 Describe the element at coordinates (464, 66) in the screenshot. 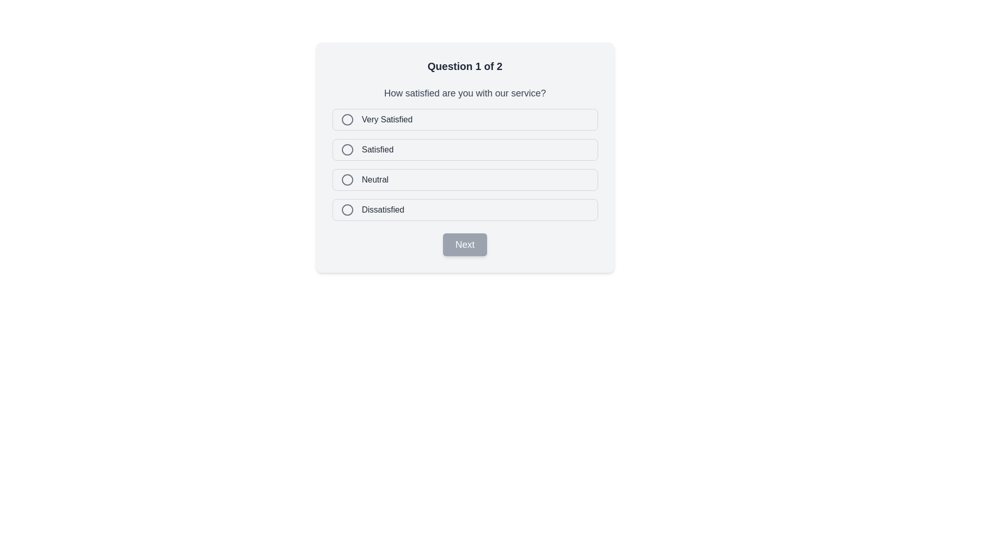

I see `the Text heading that indicates the current survey question's progress, located above the question 'How satisfied are you with our service?'` at that location.